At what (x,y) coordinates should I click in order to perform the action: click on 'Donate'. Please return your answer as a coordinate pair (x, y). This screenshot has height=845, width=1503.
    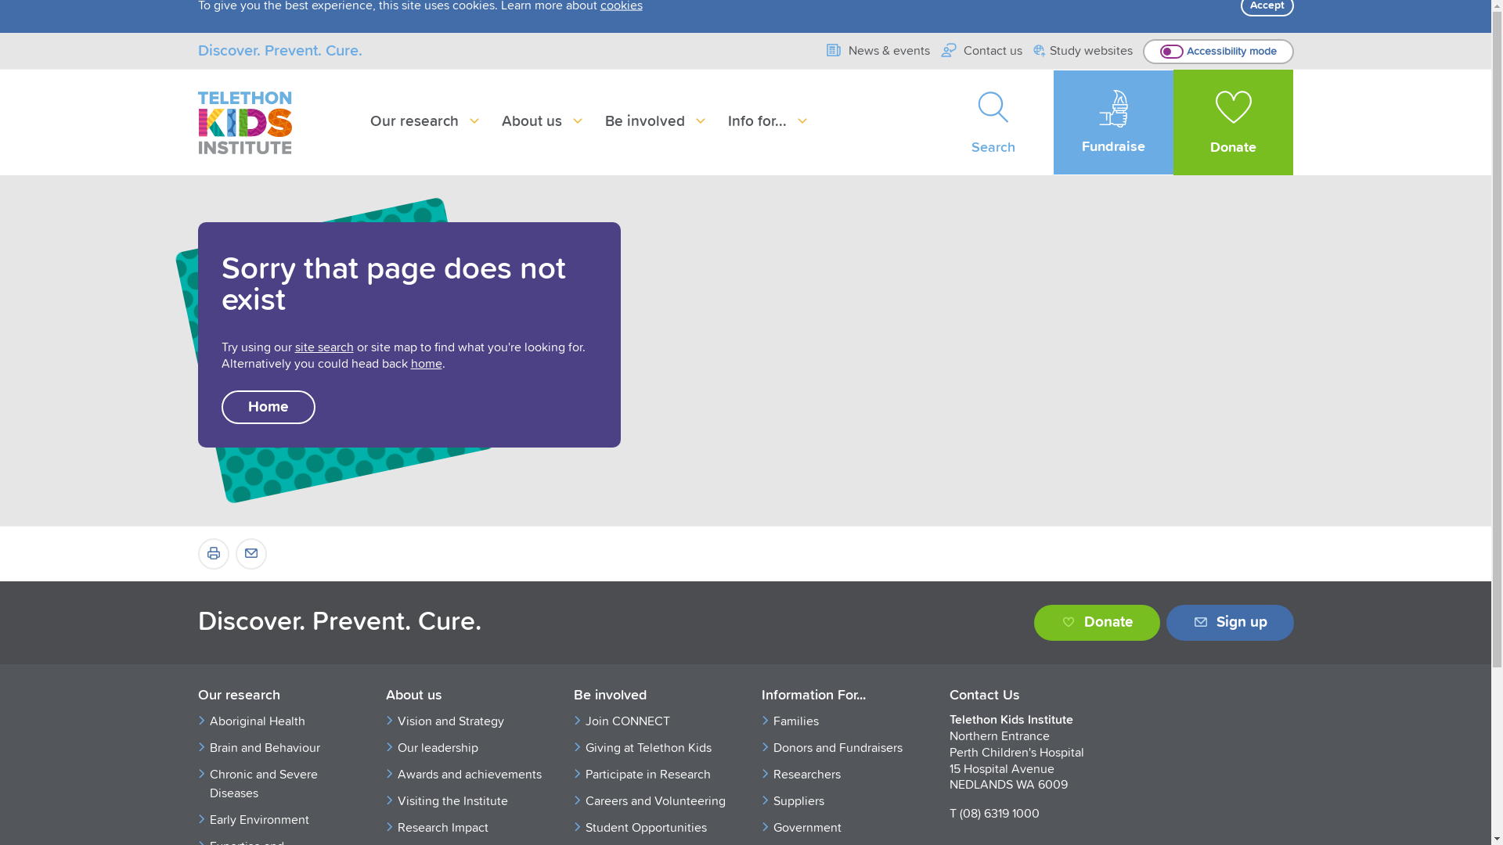
    Looking at the image, I should click on (1033, 621).